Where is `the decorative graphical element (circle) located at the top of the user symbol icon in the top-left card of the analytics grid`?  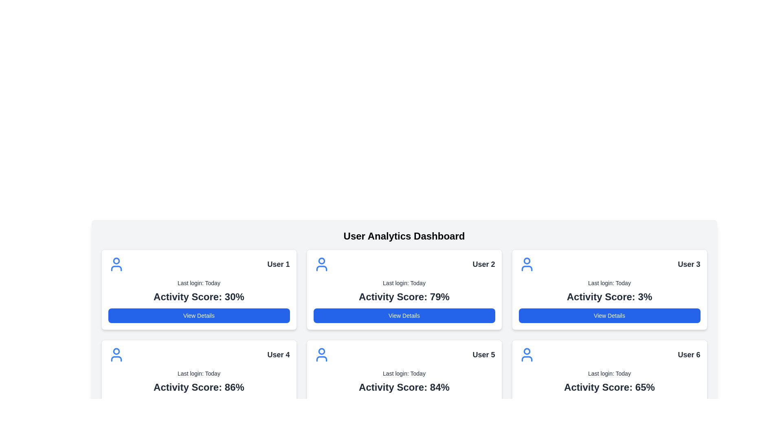
the decorative graphical element (circle) located at the top of the user symbol icon in the top-left card of the analytics grid is located at coordinates (116, 261).